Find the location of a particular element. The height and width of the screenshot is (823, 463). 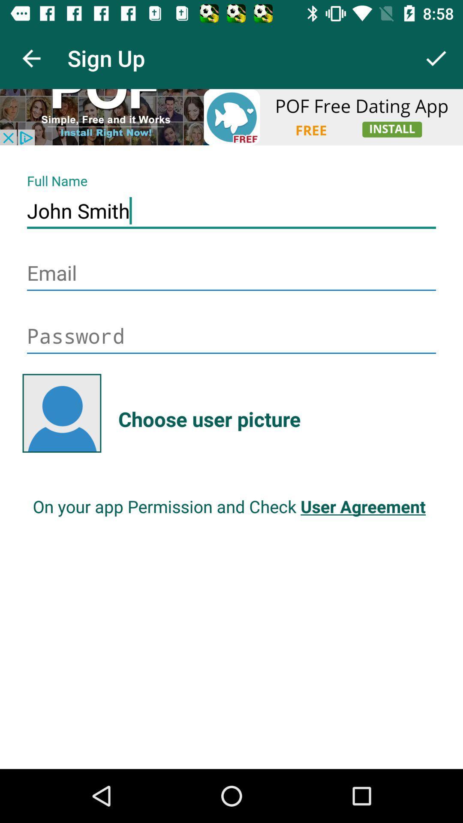

open advertisement is located at coordinates (231, 117).